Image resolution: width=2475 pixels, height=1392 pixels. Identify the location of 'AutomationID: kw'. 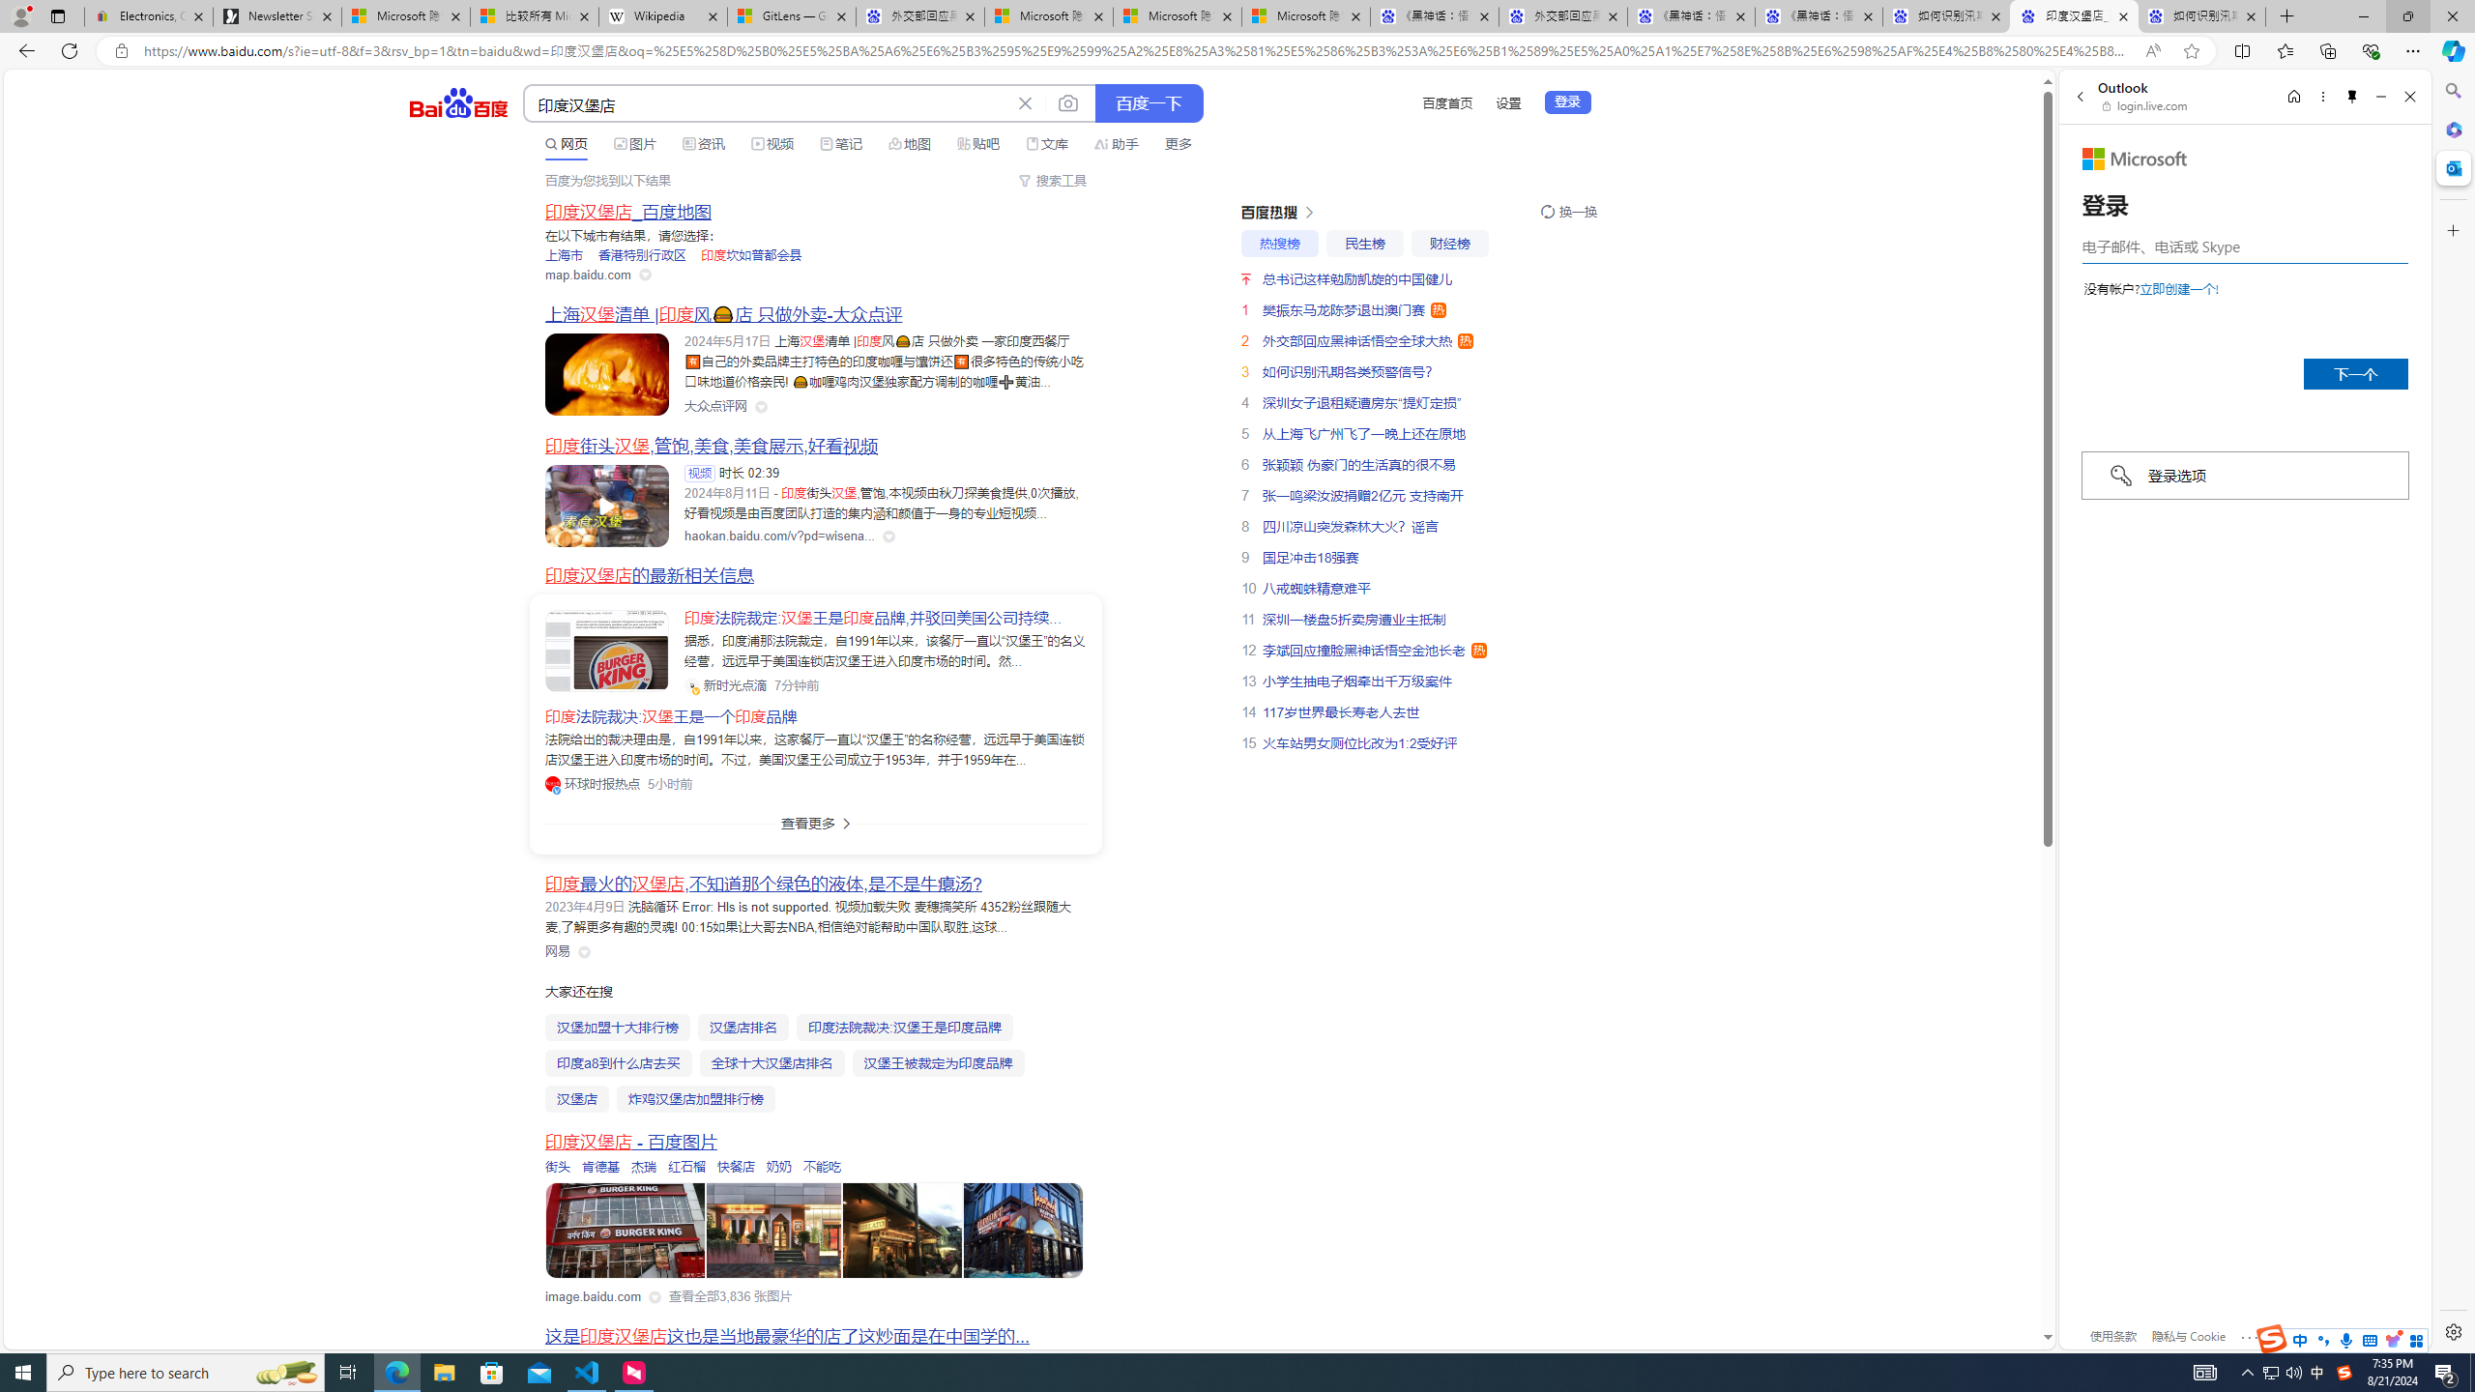
(768, 103).